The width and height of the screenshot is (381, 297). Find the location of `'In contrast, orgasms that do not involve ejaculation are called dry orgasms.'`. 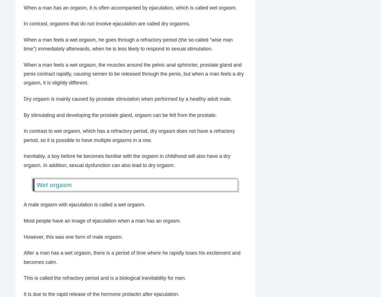

'In contrast, orgasms that do not involve ejaculation are called dry orgasms.' is located at coordinates (107, 23).